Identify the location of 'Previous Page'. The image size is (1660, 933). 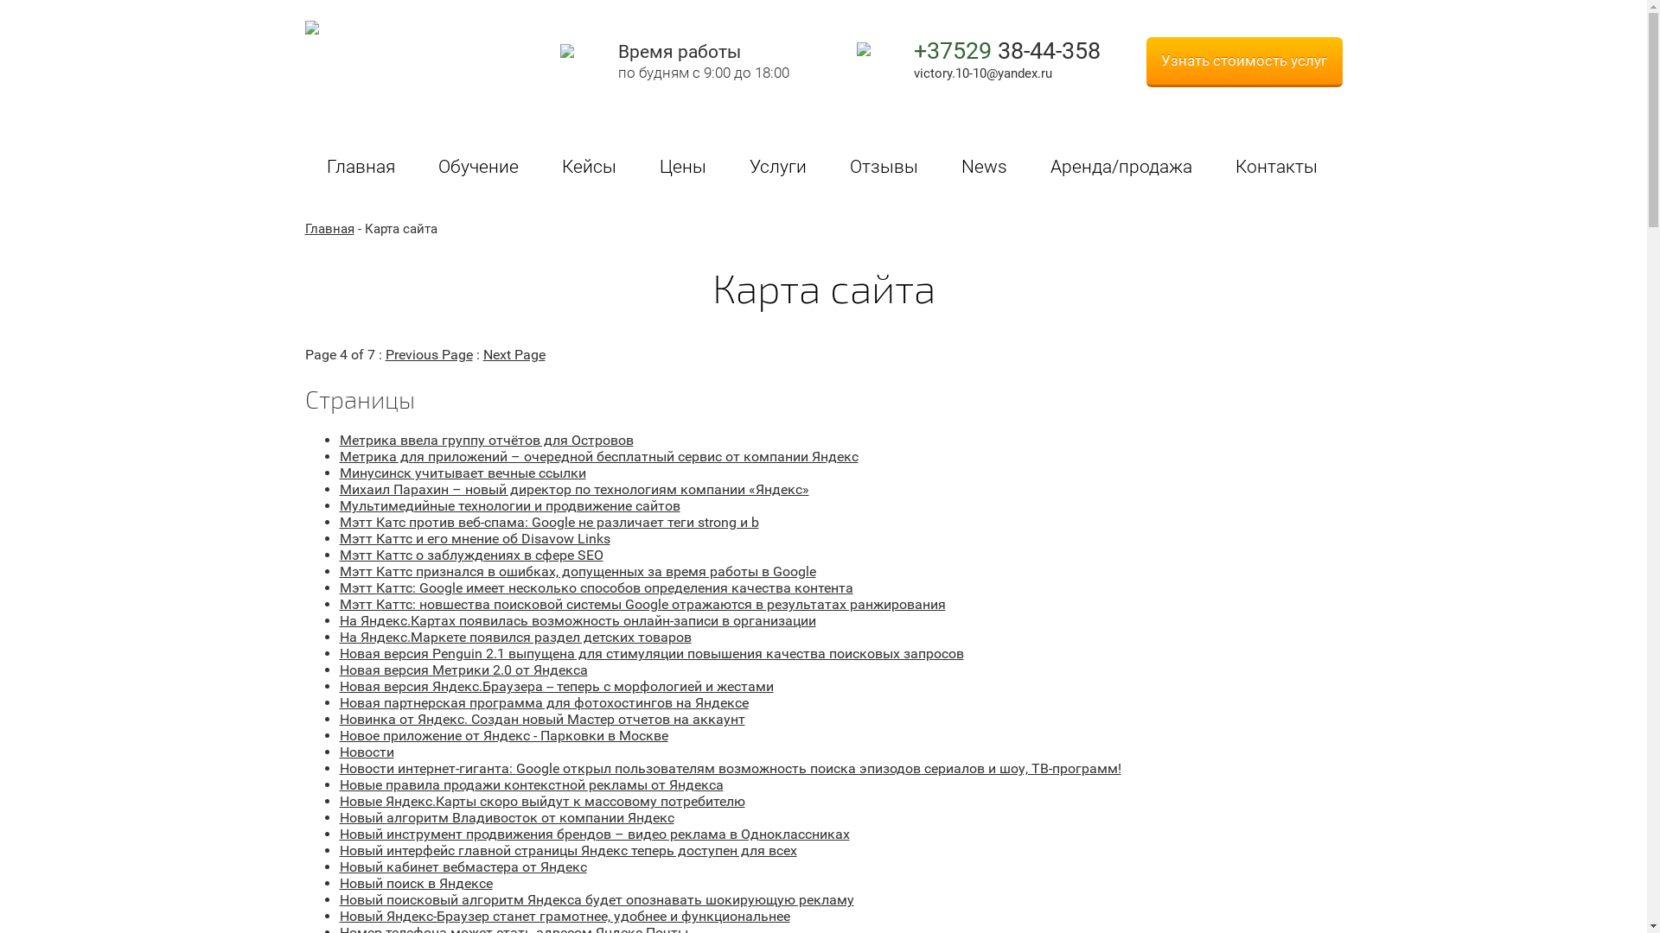
(429, 353).